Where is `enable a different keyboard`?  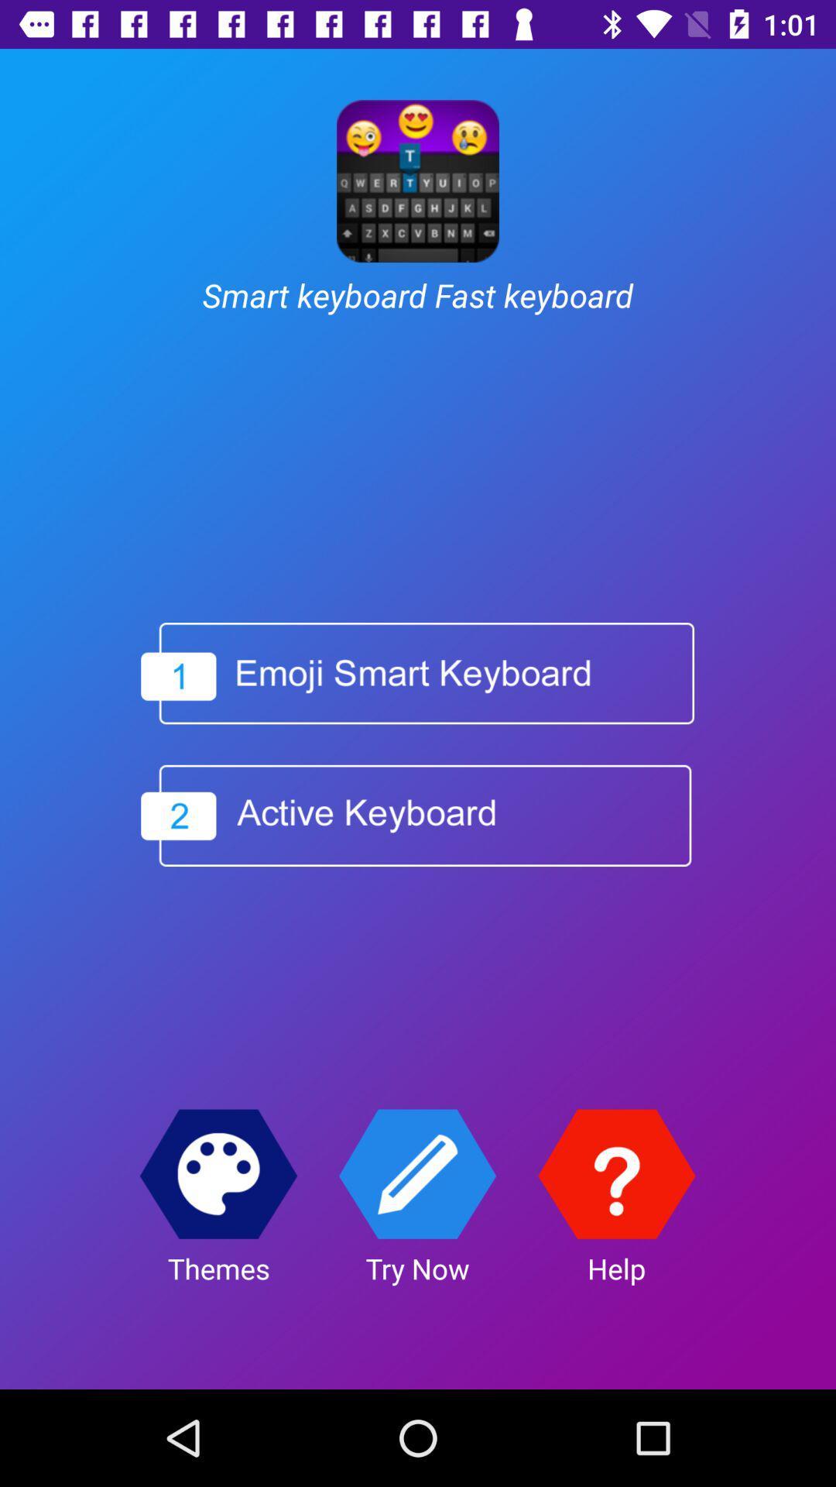
enable a different keyboard is located at coordinates (416, 673).